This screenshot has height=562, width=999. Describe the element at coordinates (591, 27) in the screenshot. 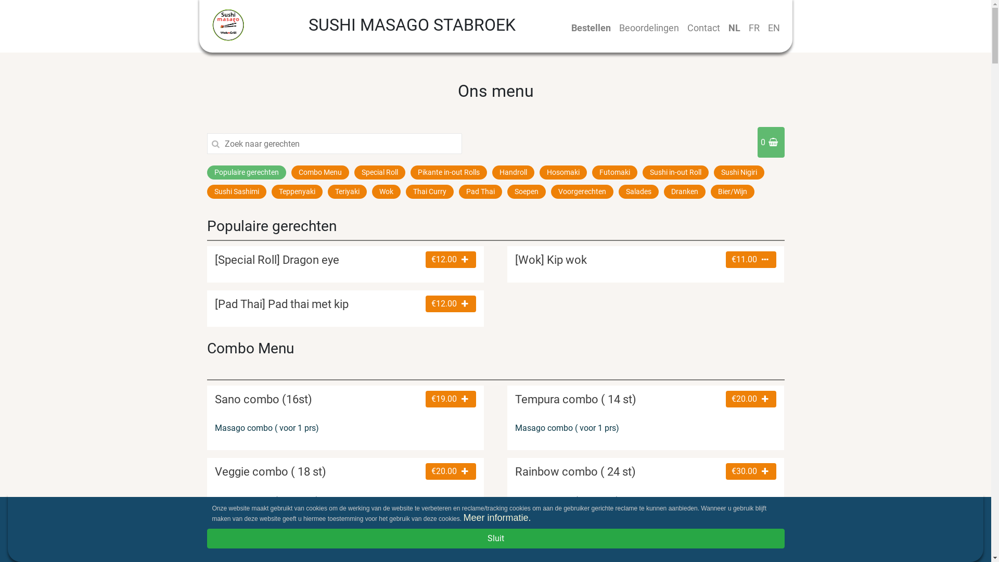

I see `'Bestellen'` at that location.